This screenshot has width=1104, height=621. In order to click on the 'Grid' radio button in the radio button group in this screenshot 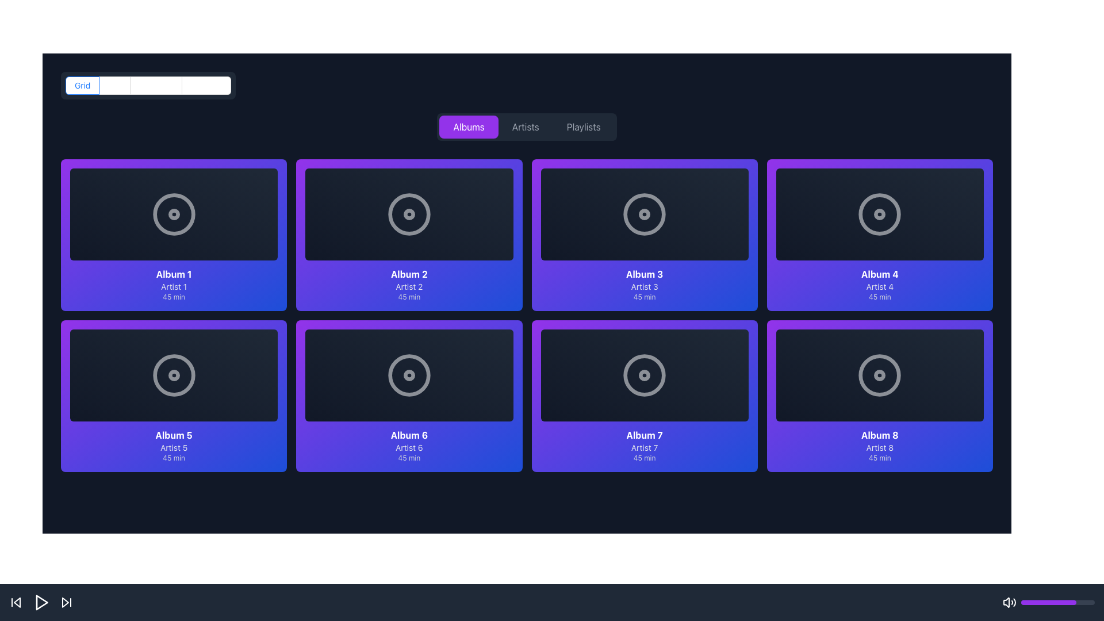, I will do `click(147, 85)`.